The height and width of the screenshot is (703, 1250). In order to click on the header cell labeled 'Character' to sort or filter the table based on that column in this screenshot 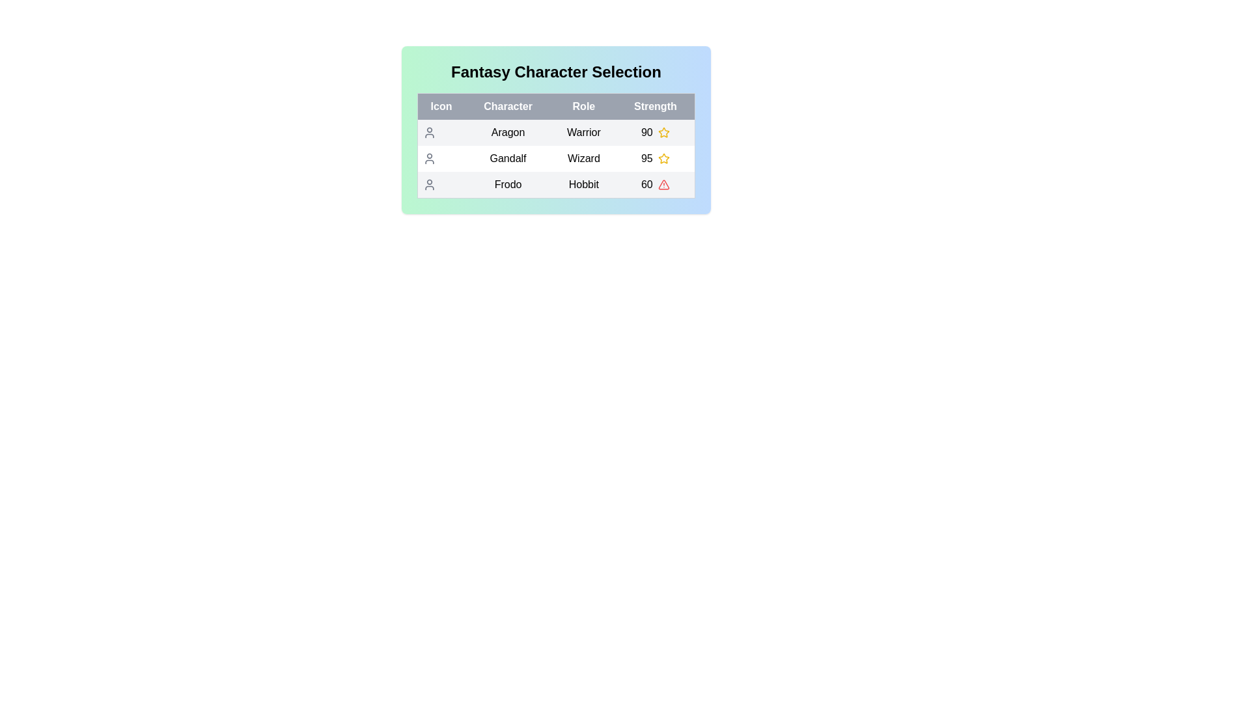, I will do `click(508, 106)`.